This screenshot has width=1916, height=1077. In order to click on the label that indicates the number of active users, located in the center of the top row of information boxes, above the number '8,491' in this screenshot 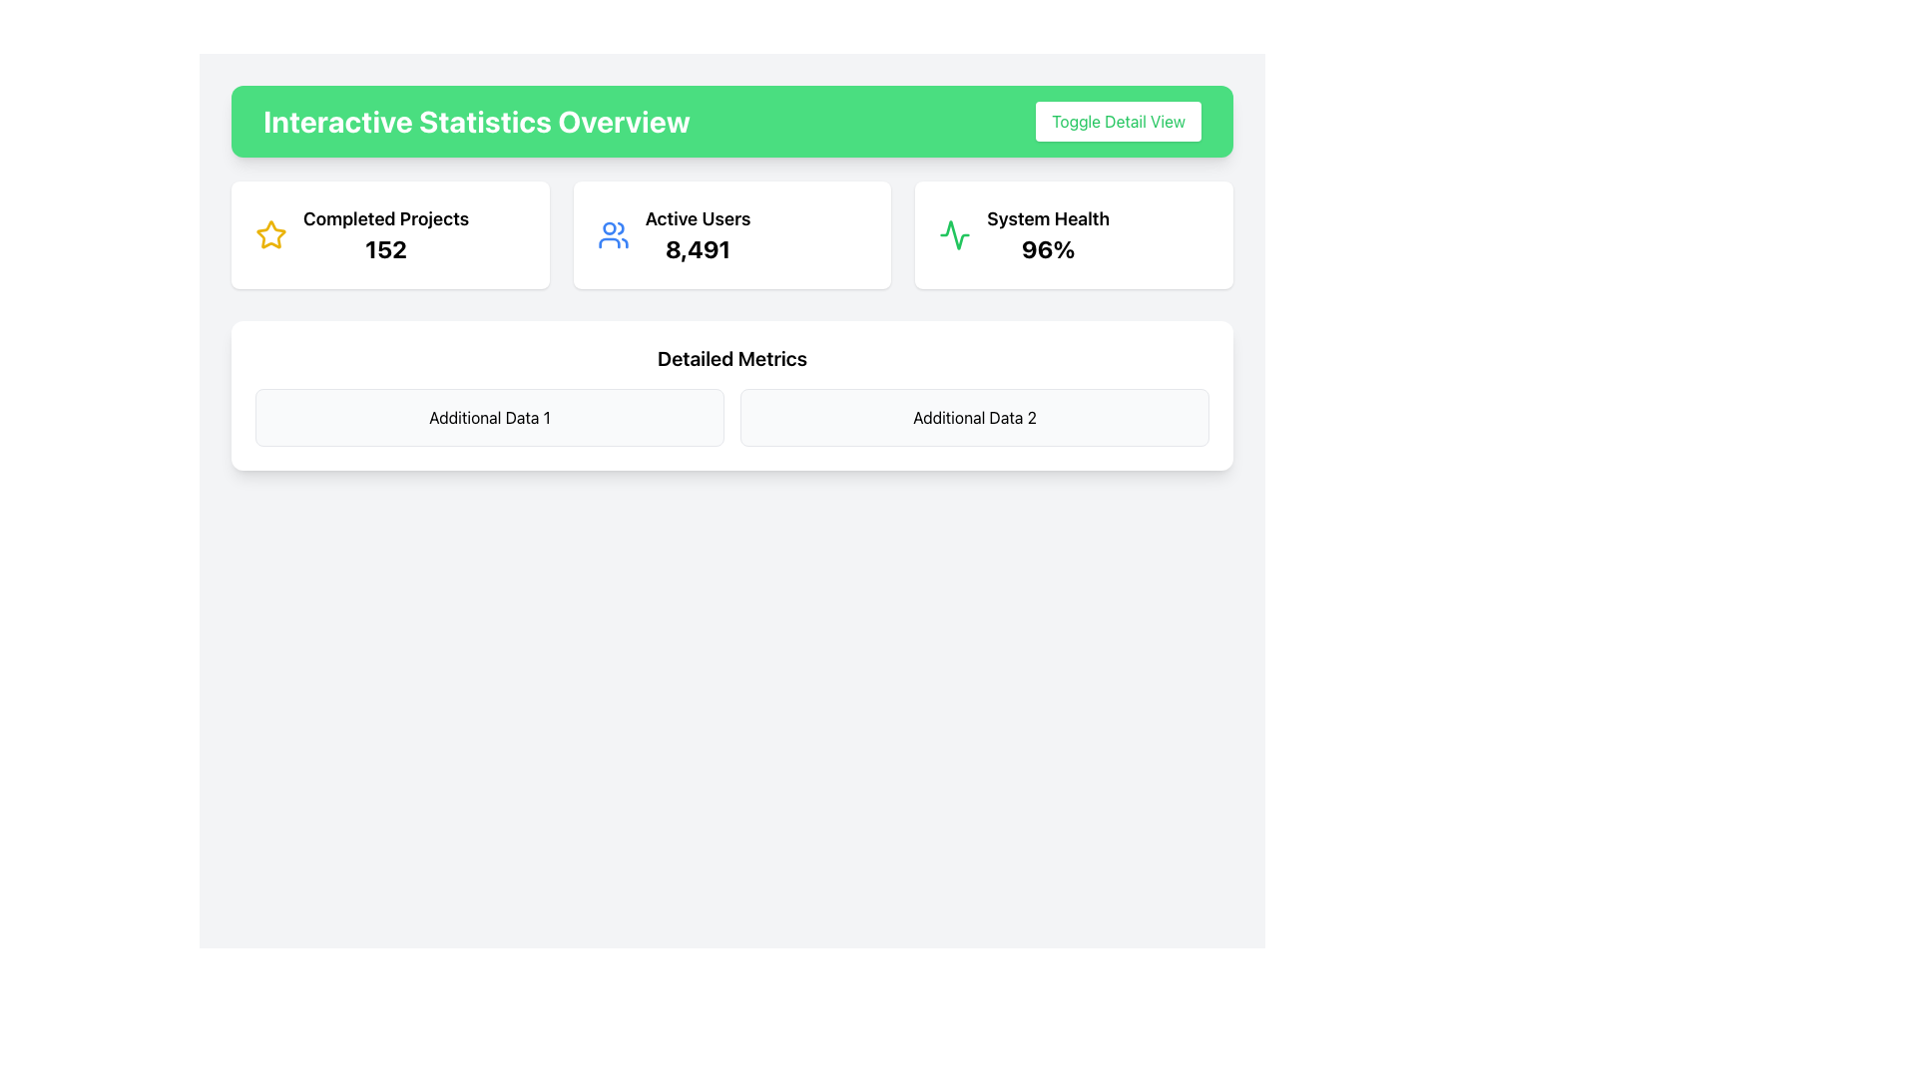, I will do `click(698, 218)`.